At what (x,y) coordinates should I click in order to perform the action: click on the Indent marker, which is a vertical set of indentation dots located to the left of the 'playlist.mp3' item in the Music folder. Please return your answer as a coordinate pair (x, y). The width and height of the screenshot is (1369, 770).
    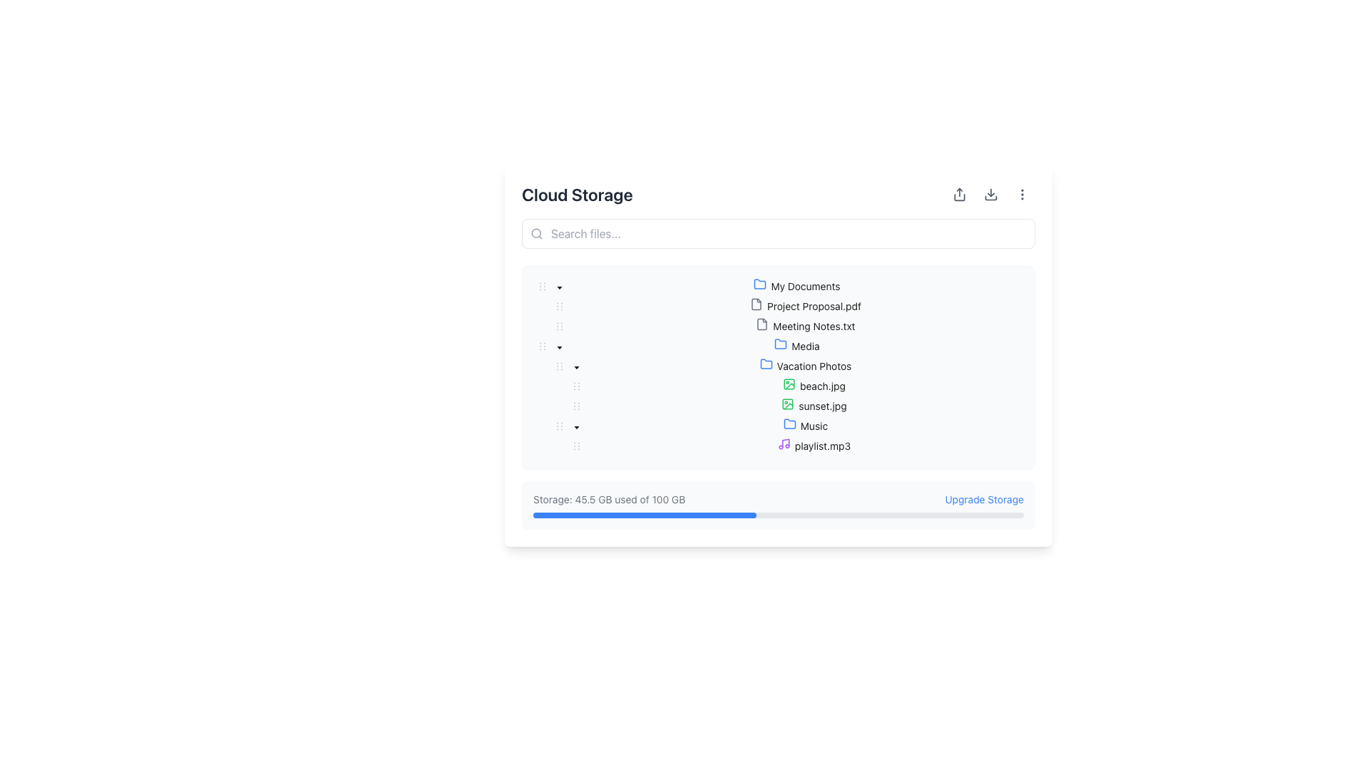
    Looking at the image, I should click on (550, 445).